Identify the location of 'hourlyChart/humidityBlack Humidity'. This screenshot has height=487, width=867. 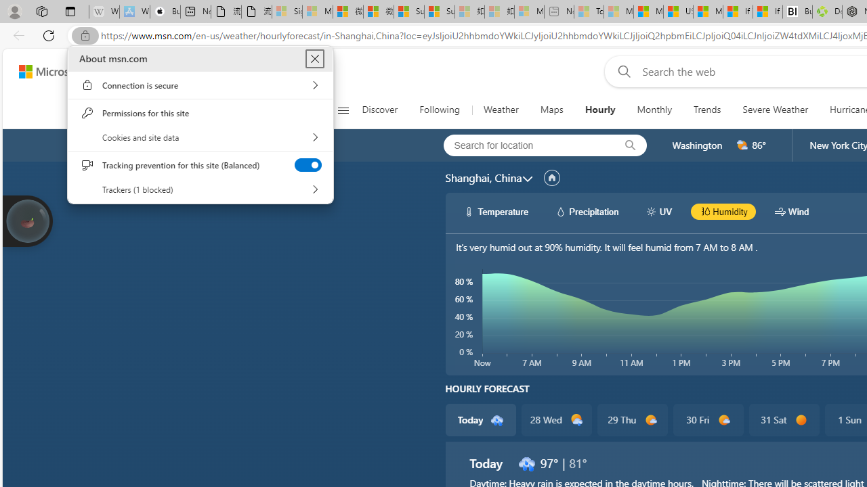
(723, 211).